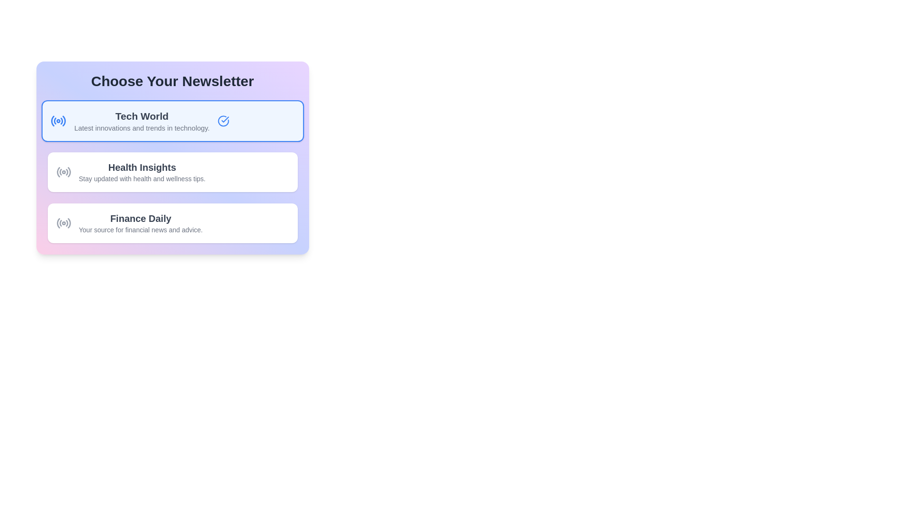 The width and height of the screenshot is (909, 511). I want to click on the second segment of the curved lines in the blue radio-like icon within the 'Tech World' button, so click(54, 120).